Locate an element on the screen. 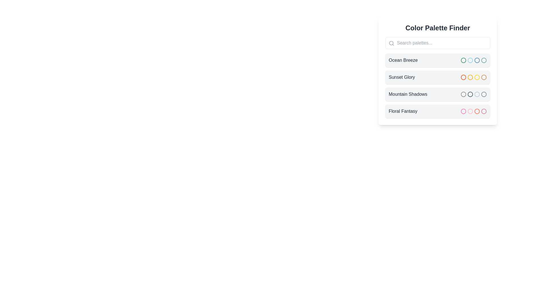  the selection box labeled 'Sunset Glory' is located at coordinates (437, 77).